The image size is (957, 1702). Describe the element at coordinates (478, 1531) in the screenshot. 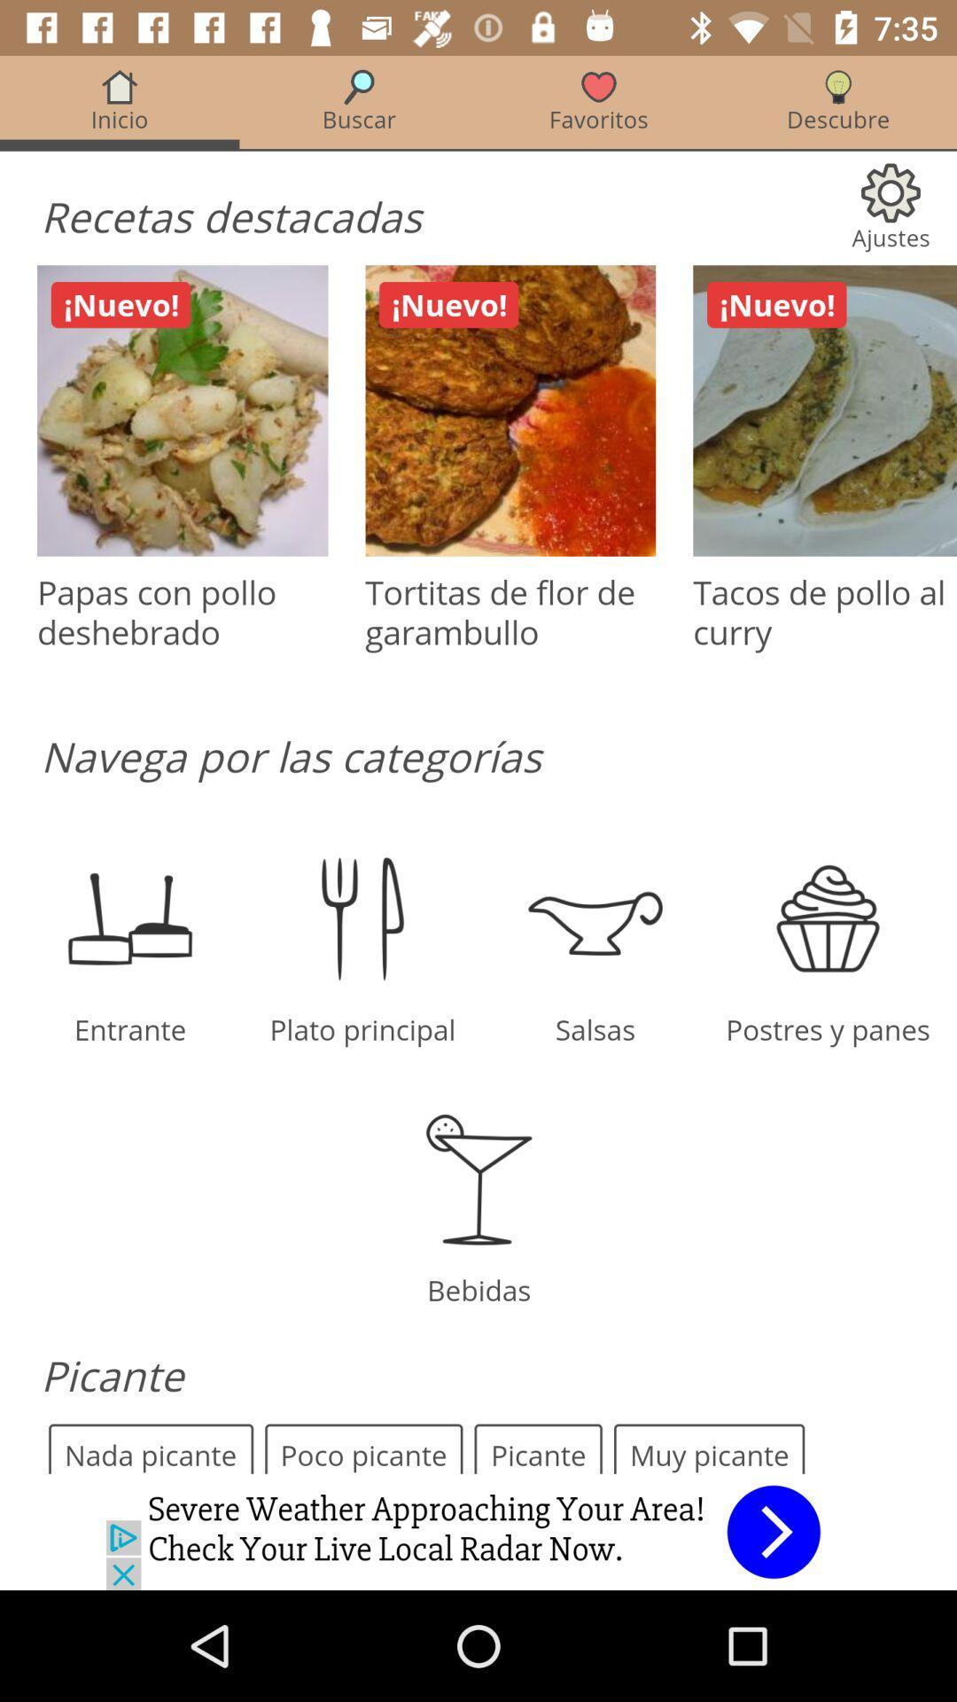

I see `open advertisement` at that location.